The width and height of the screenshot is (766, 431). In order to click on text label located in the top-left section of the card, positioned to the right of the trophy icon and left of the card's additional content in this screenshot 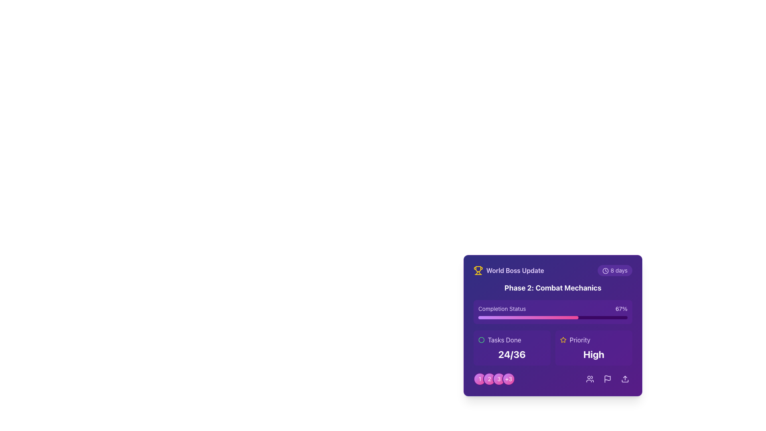, I will do `click(515, 270)`.